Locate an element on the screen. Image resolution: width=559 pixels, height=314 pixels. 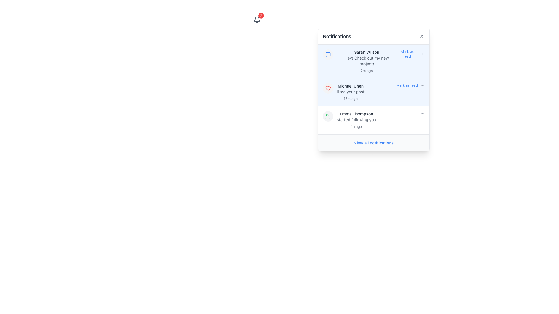
the notification icon indicating that 'Emma Thompson started following you 1h ago', which is located at the top-left corner of the notification item is located at coordinates (328, 116).